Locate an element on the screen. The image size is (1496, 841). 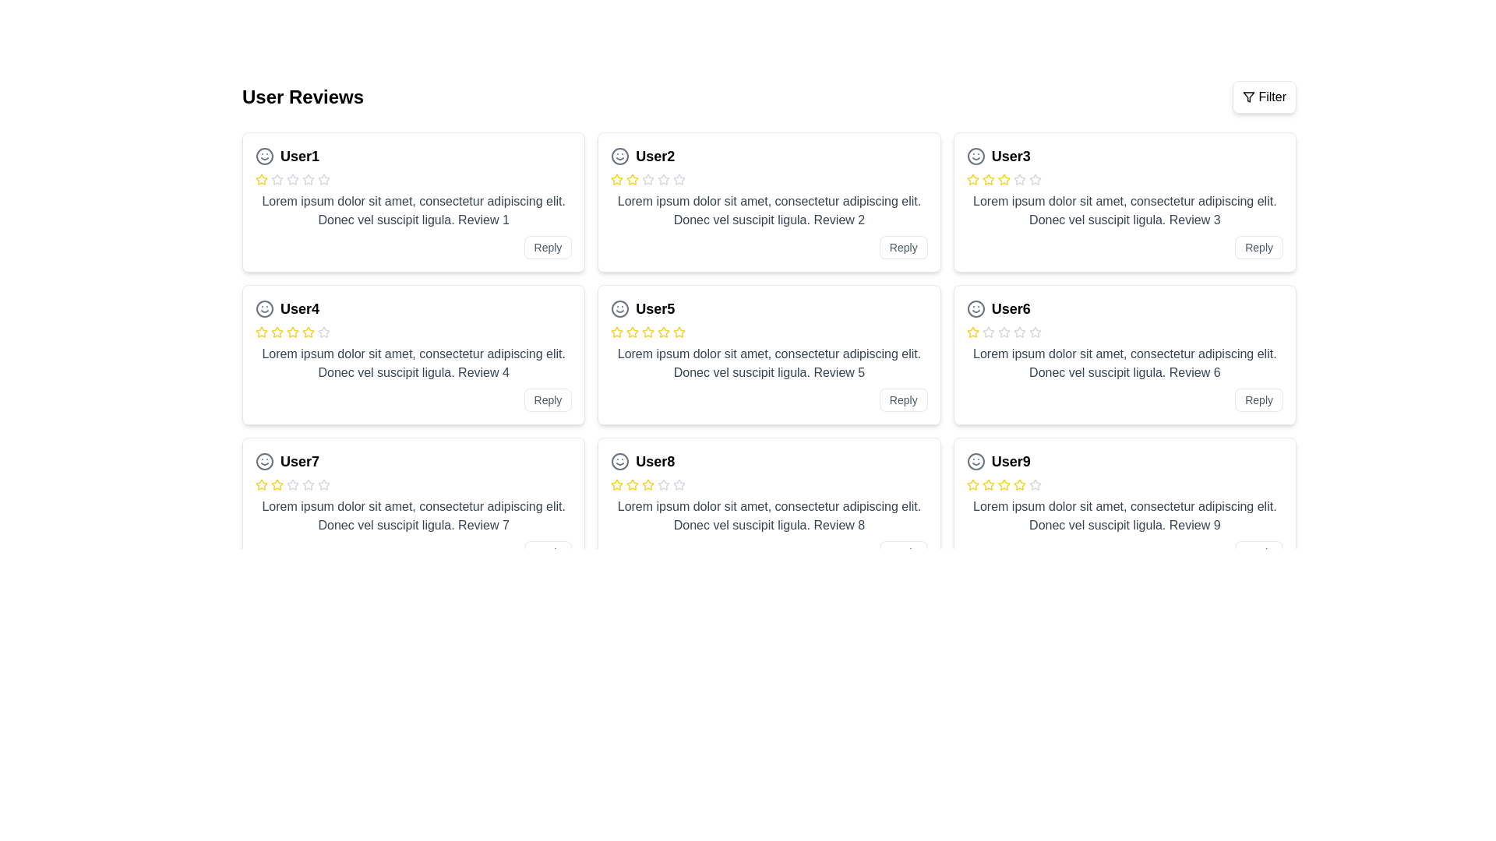
the third star-shaped yellow icon in the User2 review card to indicate a rating is located at coordinates (633, 179).